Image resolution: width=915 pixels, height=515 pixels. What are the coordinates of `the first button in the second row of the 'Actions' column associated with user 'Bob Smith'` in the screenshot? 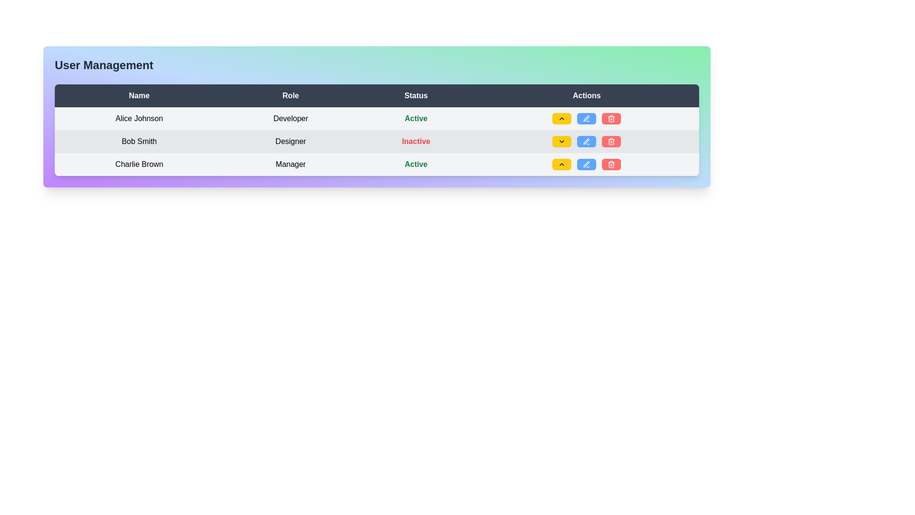 It's located at (562, 142).